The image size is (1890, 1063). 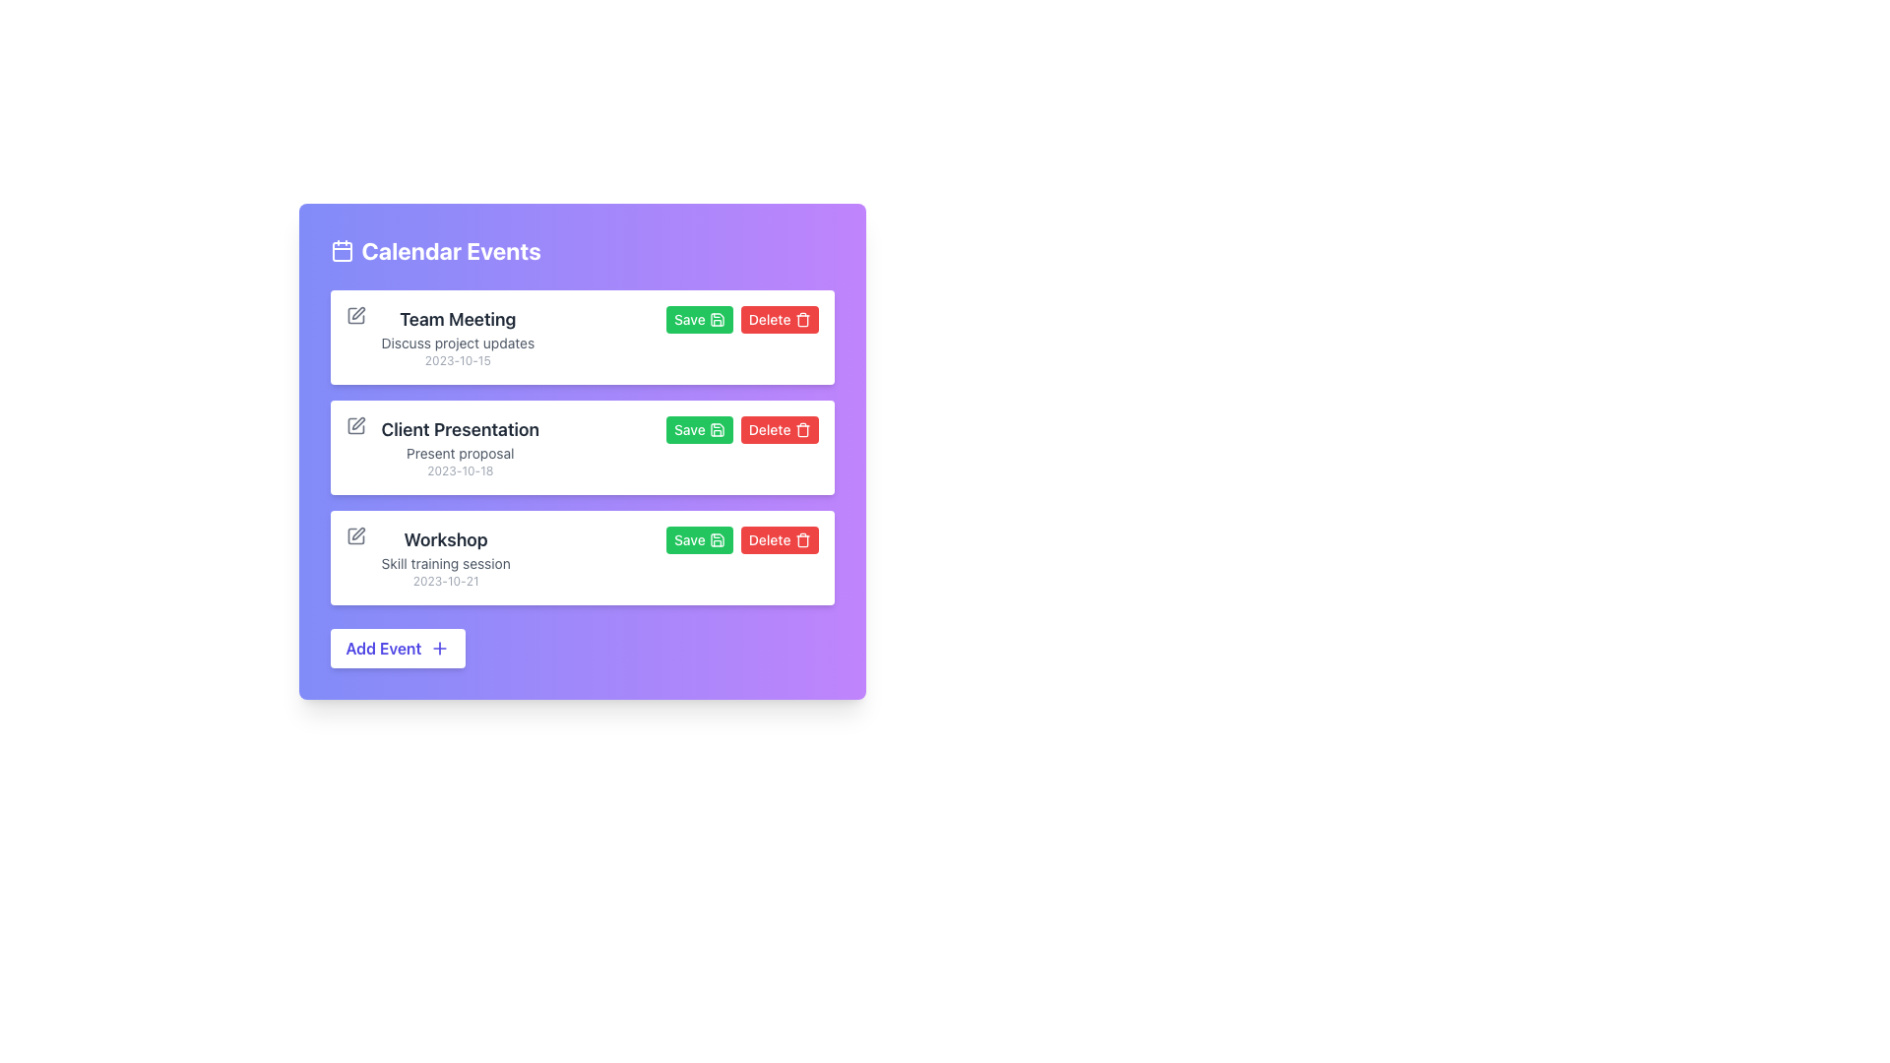 I want to click on the delete icon located at the right end of the red 'Delete' button in the action panel for the 'Workshop' event, so click(x=802, y=539).